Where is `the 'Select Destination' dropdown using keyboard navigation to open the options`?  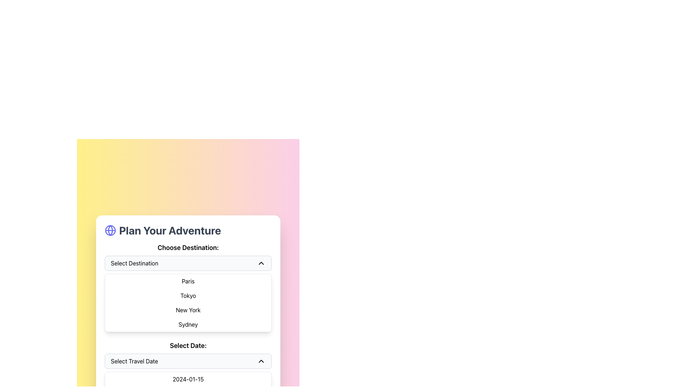
the 'Select Destination' dropdown using keyboard navigation to open the options is located at coordinates (188, 263).